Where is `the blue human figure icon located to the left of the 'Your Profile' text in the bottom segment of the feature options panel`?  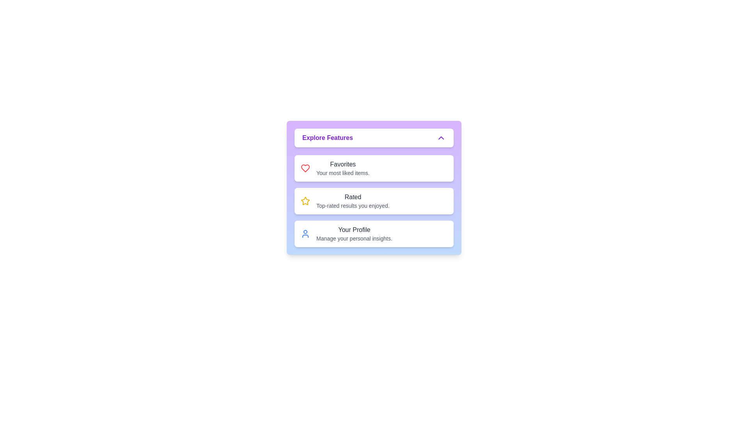
the blue human figure icon located to the left of the 'Your Profile' text in the bottom segment of the feature options panel is located at coordinates (305, 233).